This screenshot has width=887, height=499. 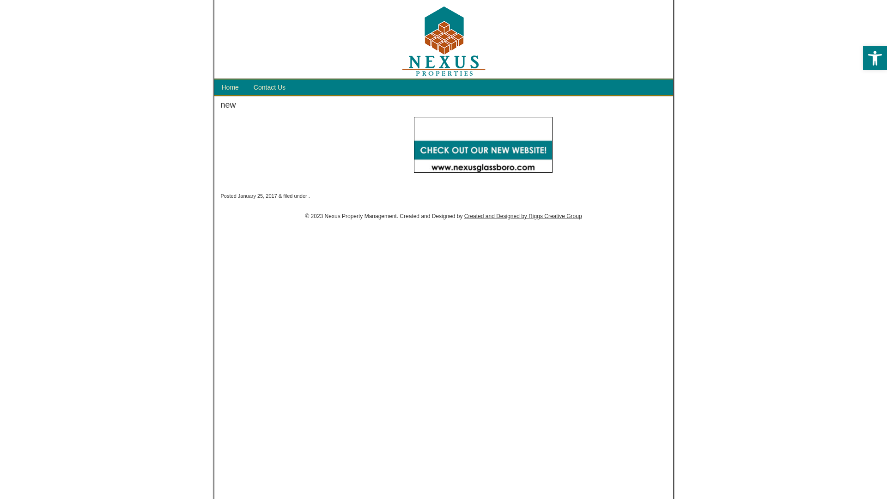 I want to click on 'Contact Us', so click(x=269, y=87).